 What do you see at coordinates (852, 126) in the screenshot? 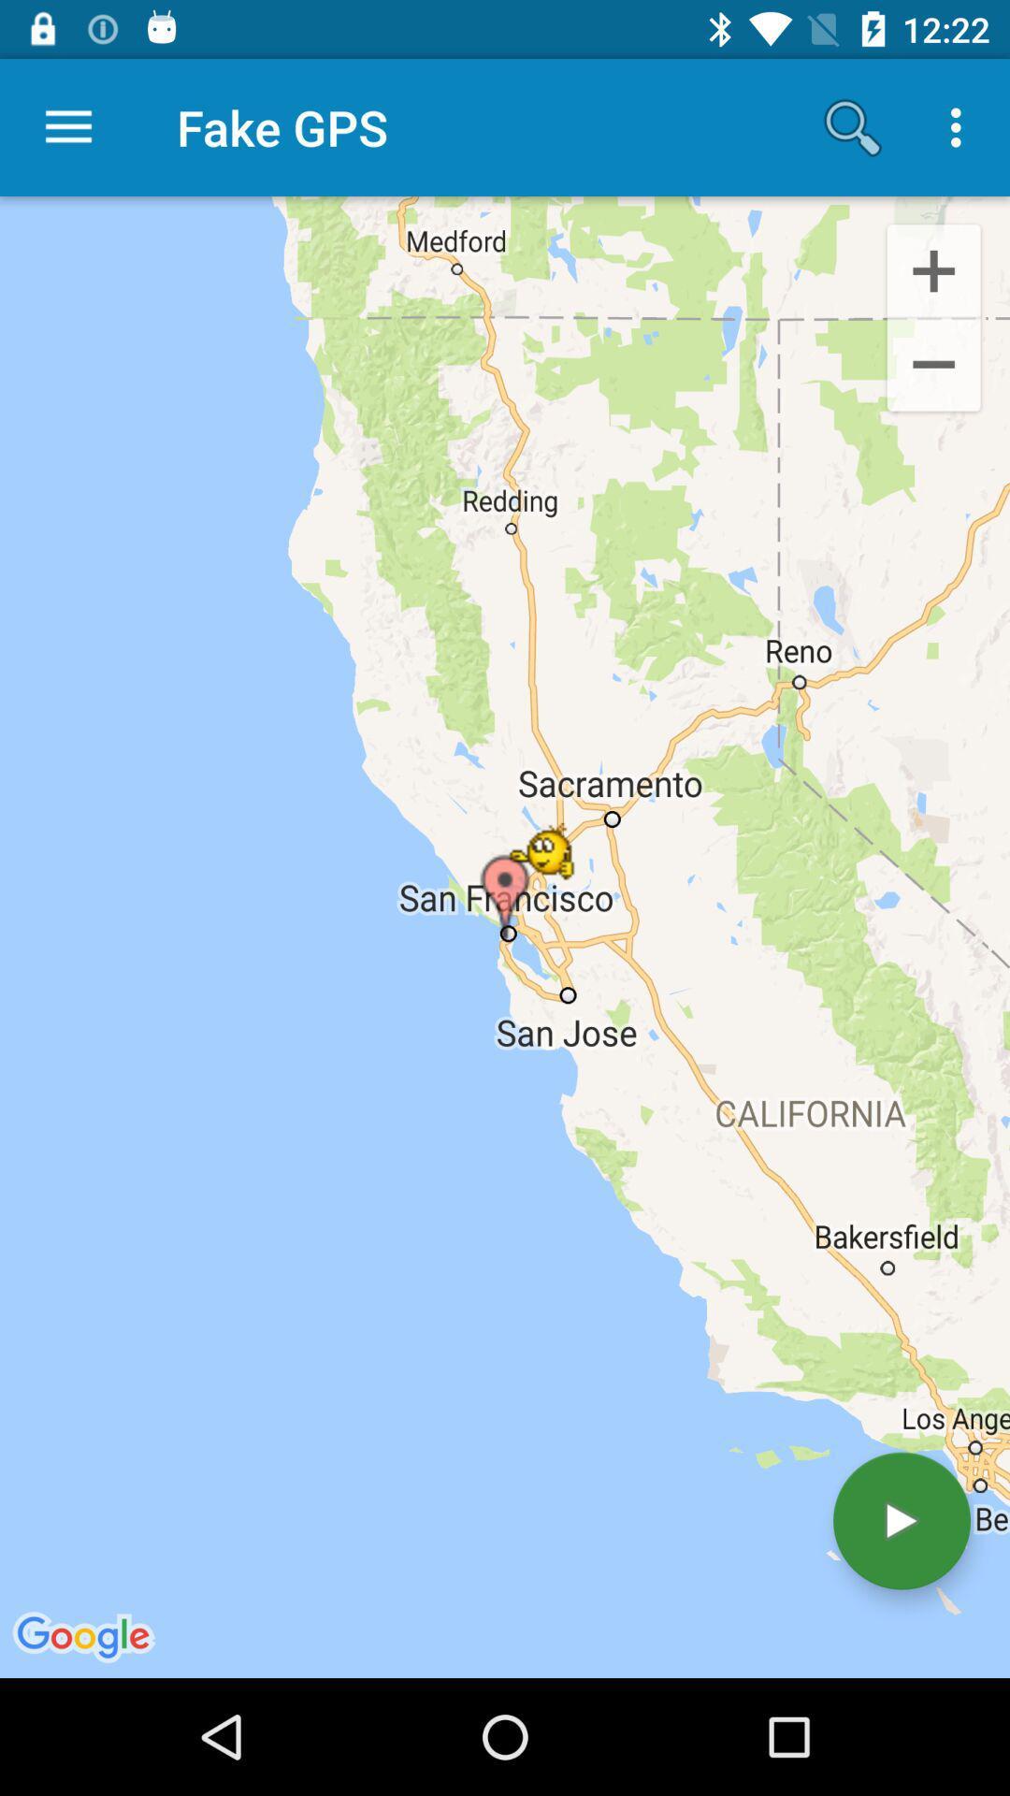
I see `the icon next to fake gps app` at bounding box center [852, 126].